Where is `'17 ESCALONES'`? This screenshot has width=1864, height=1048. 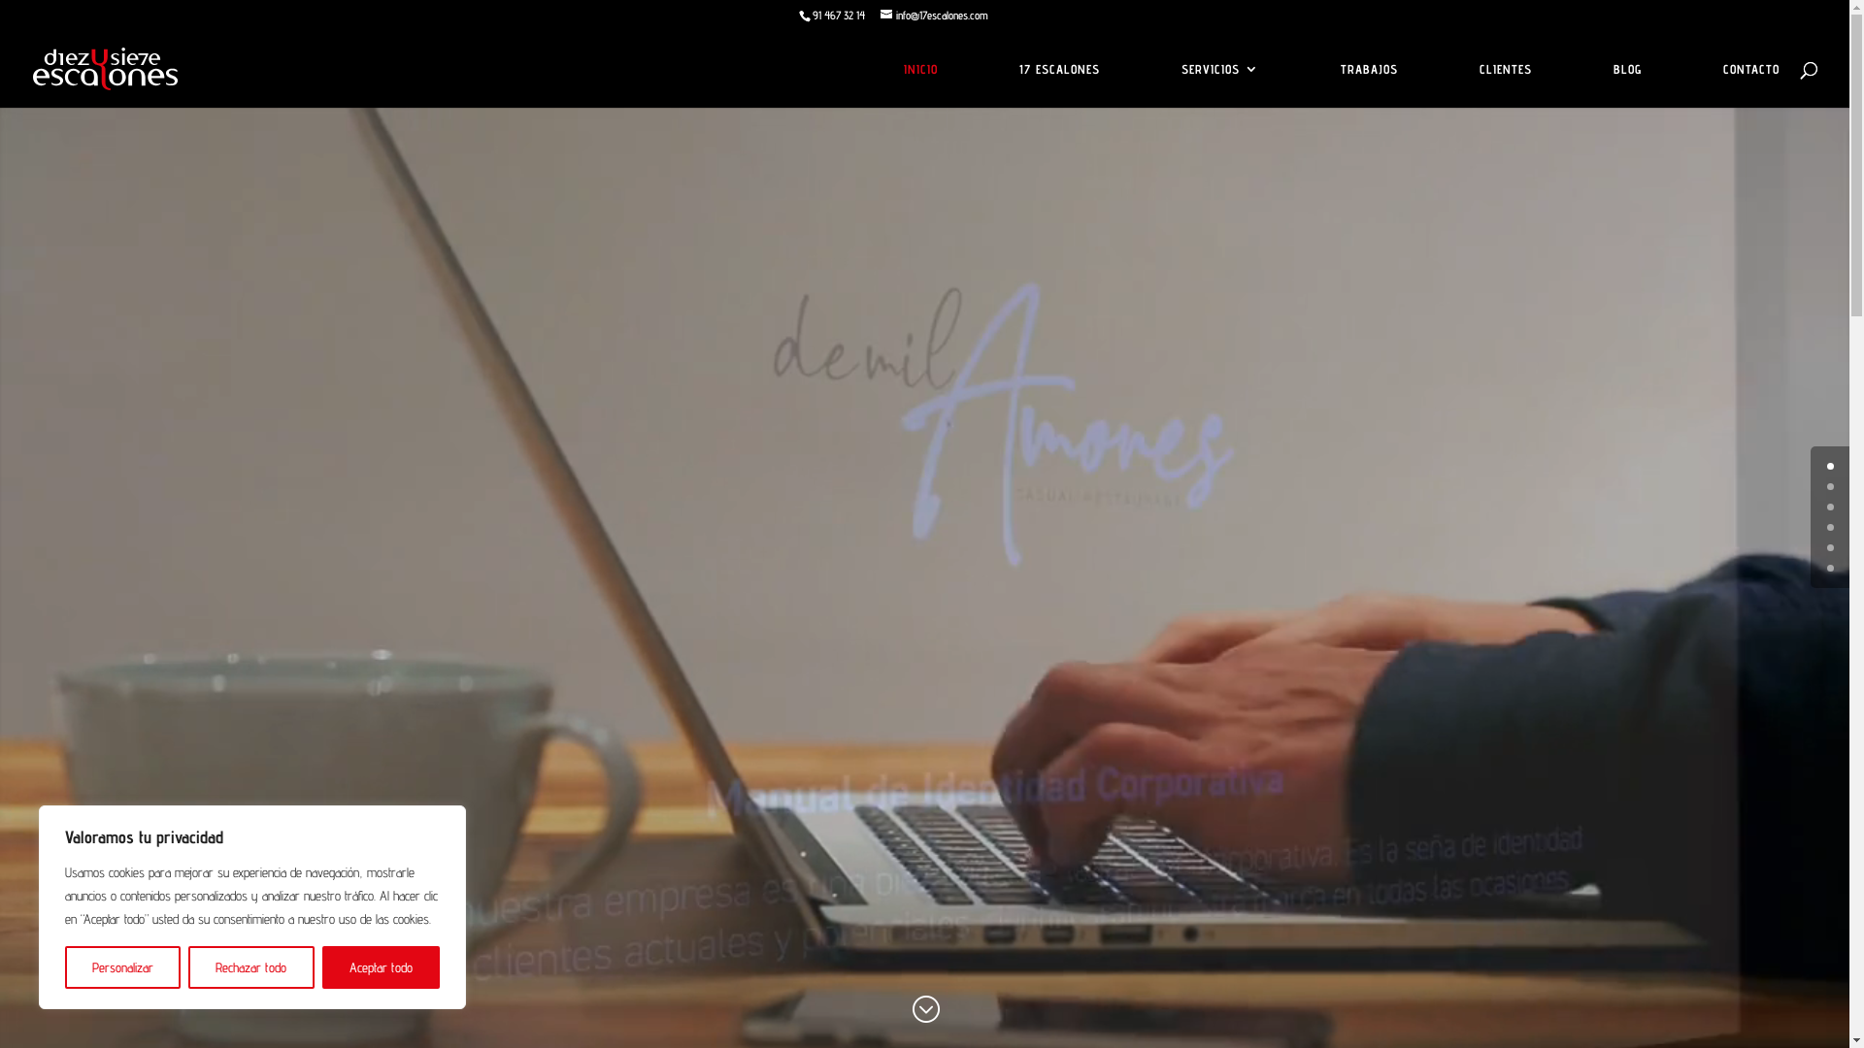
'17 ESCALONES' is located at coordinates (1058, 83).